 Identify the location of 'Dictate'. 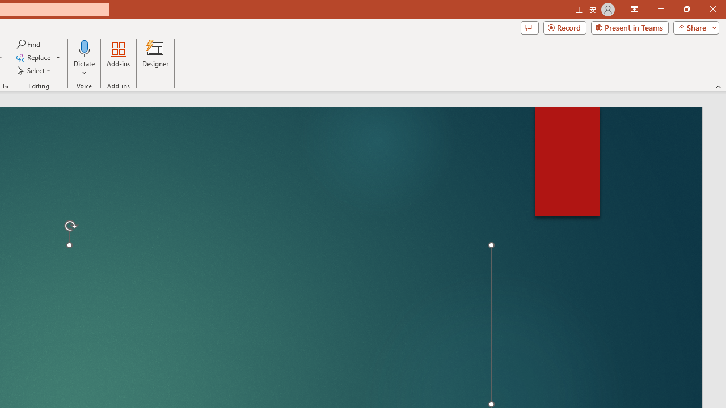
(84, 48).